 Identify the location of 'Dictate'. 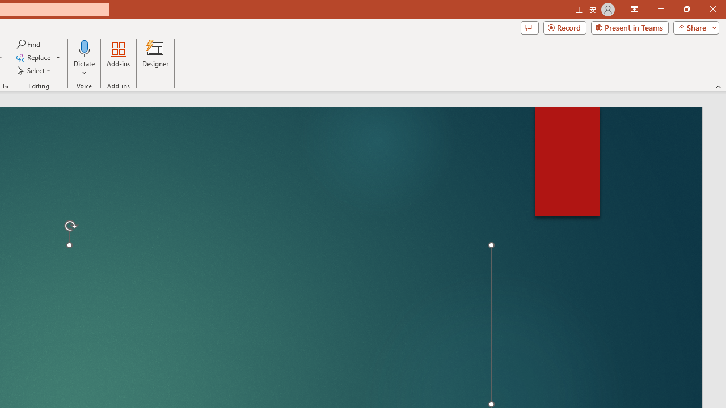
(84, 48).